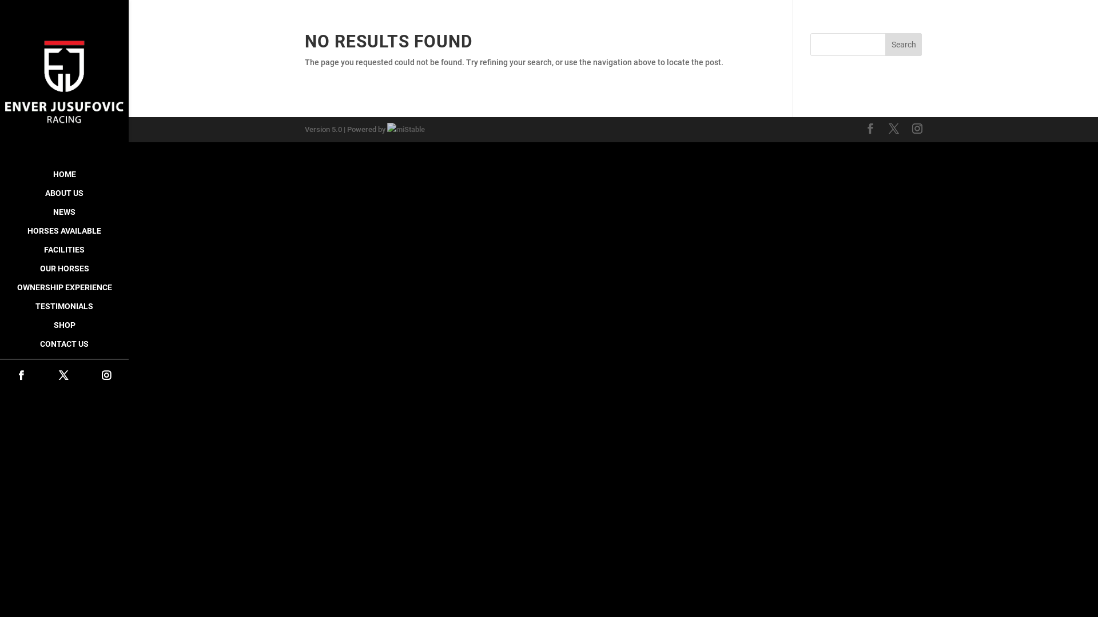  Describe the element at coordinates (0, 254) in the screenshot. I see `'FACILITIES'` at that location.